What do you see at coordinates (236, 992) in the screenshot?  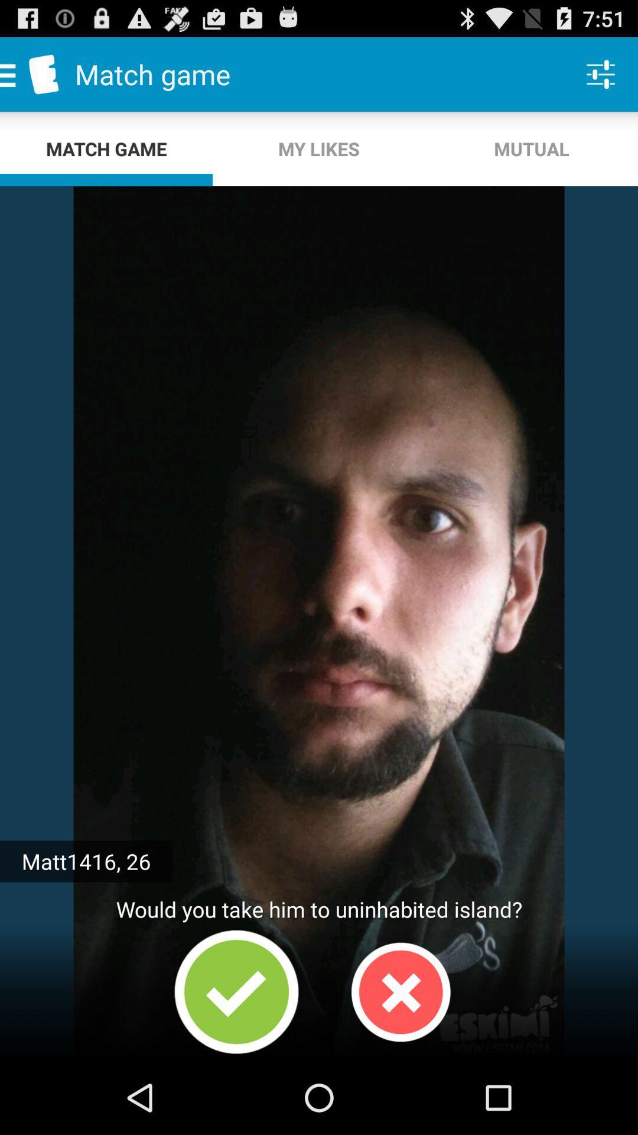 I see `confirm` at bounding box center [236, 992].